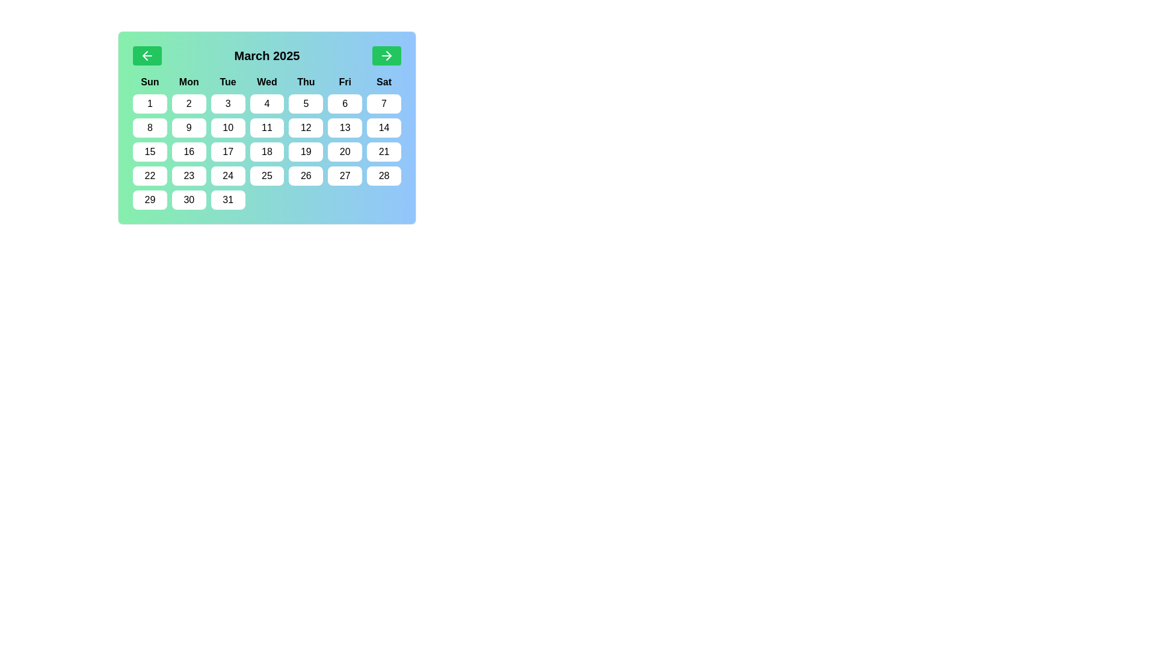  I want to click on the button representing the 5th day of the month in the calendar interface, so click(306, 103).